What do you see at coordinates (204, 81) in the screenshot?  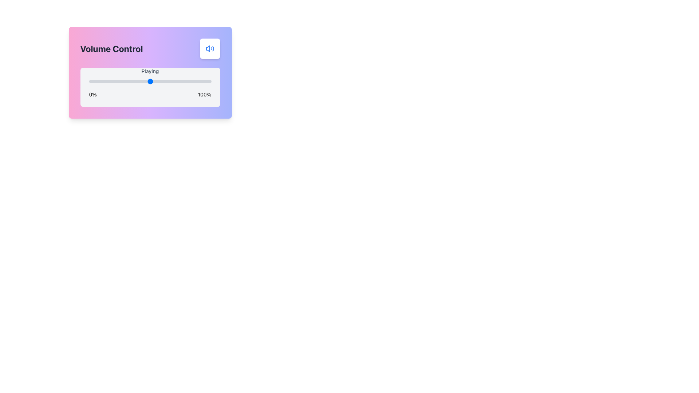 I see `the playback position` at bounding box center [204, 81].